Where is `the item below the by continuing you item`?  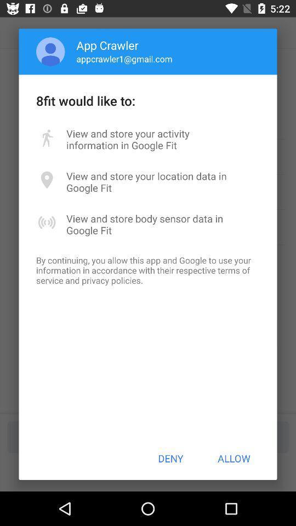 the item below the by continuing you item is located at coordinates (170, 458).